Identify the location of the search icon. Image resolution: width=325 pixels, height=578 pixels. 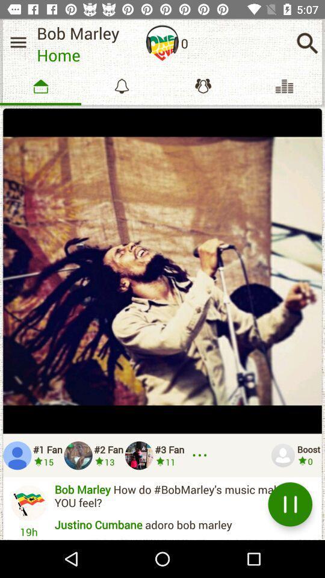
(307, 43).